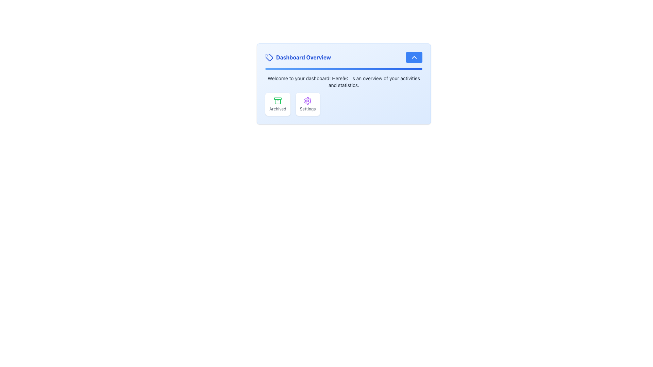 Image resolution: width=653 pixels, height=367 pixels. Describe the element at coordinates (414, 57) in the screenshot. I see `the upward-pointing chevron icon with a white outline on a blue background, located at the top-right corner of the Dashboard Overview button` at that location.